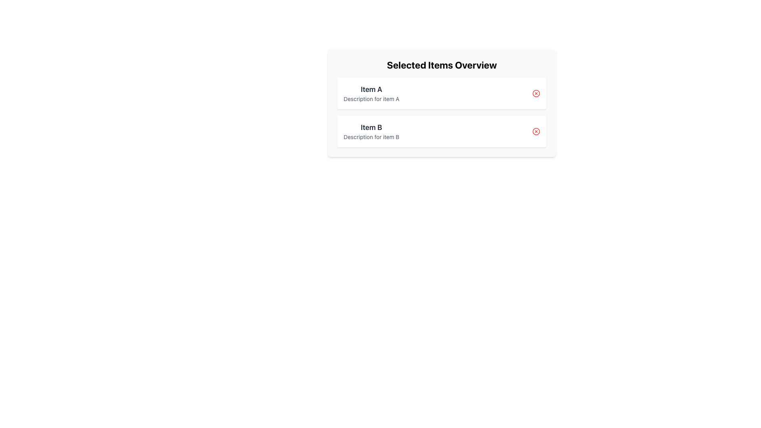  What do you see at coordinates (371, 99) in the screenshot?
I see `the descriptive label text that provides additional information about 'Item A', which is located directly beneath 'Item A' in the top card of a vertical list` at bounding box center [371, 99].